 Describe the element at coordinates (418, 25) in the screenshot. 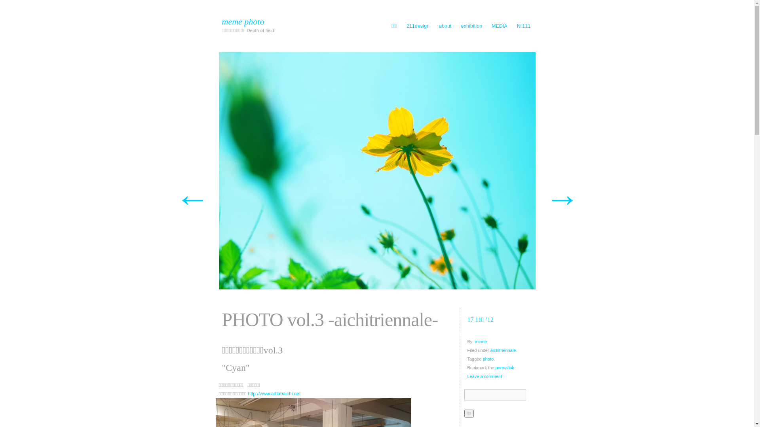

I see `'211design'` at that location.